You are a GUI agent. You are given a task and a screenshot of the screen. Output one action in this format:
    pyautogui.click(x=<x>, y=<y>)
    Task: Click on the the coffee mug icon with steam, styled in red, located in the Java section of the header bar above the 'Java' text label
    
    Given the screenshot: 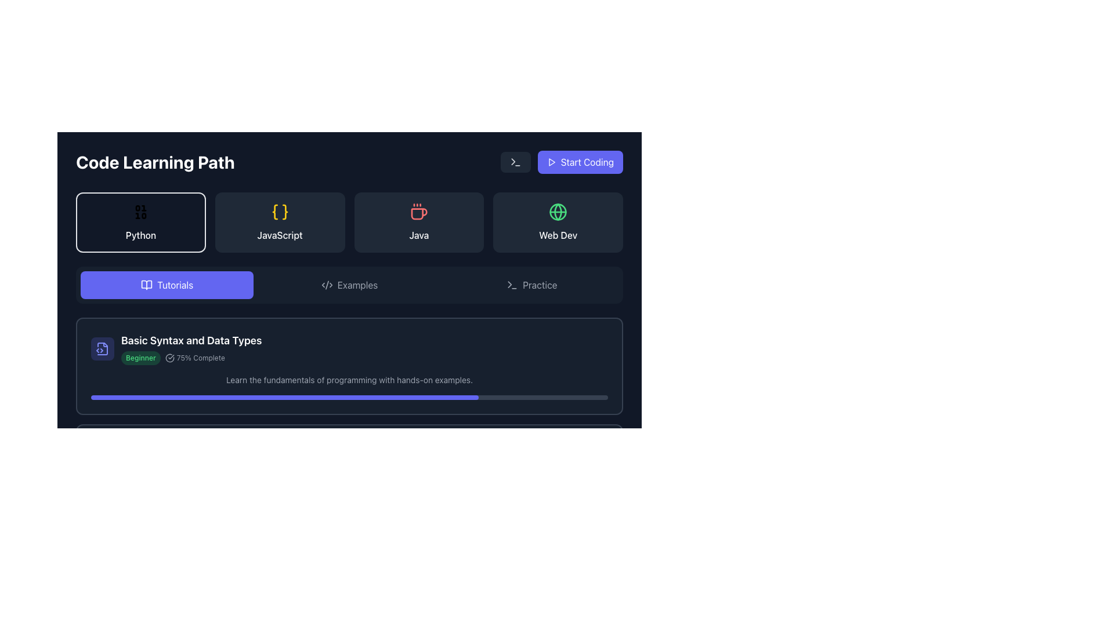 What is the action you would take?
    pyautogui.click(x=418, y=212)
    